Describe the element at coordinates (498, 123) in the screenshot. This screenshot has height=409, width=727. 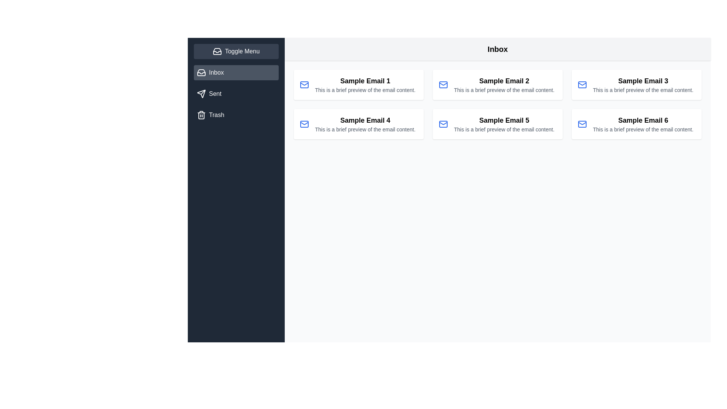
I see `the Interactive Card or Email Preview located` at that location.